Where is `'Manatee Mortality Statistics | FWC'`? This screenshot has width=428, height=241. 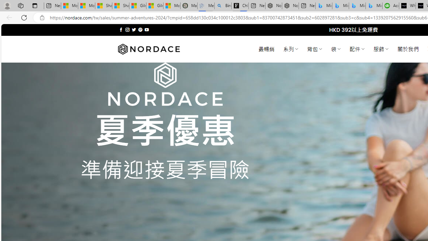
'Manatee Mortality Statistics | FWC' is located at coordinates (189, 6).